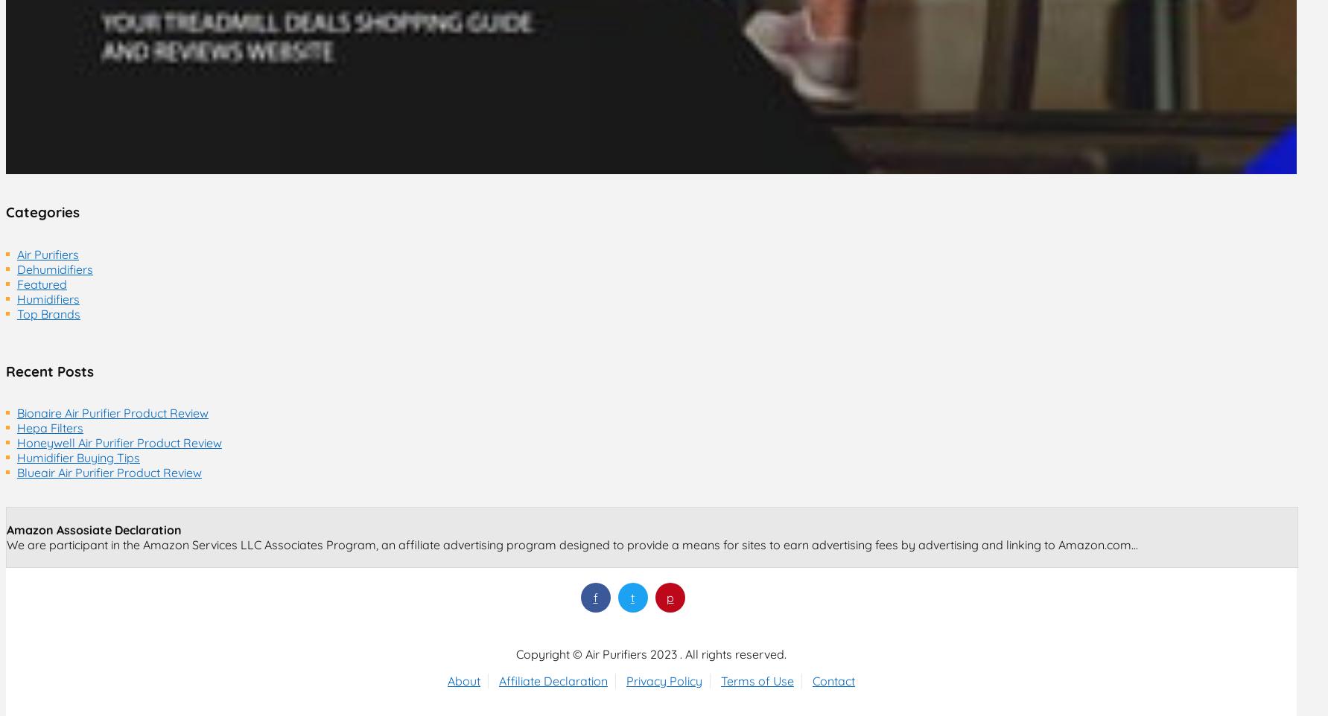 The width and height of the screenshot is (1328, 716). What do you see at coordinates (668, 596) in the screenshot?
I see `'p'` at bounding box center [668, 596].